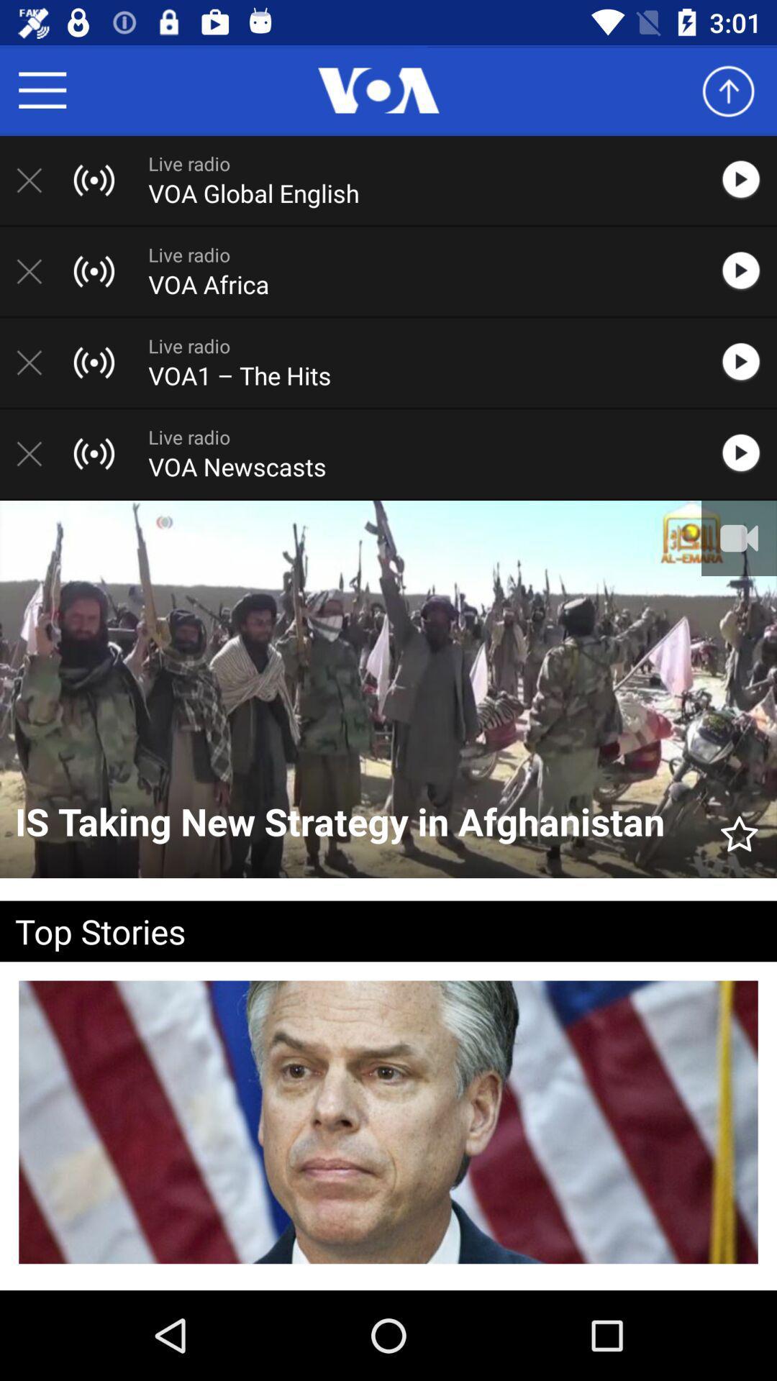 Image resolution: width=777 pixels, height=1381 pixels. Describe the element at coordinates (748, 363) in the screenshot. I see `pressing this will play lie radio voa1-the hits` at that location.